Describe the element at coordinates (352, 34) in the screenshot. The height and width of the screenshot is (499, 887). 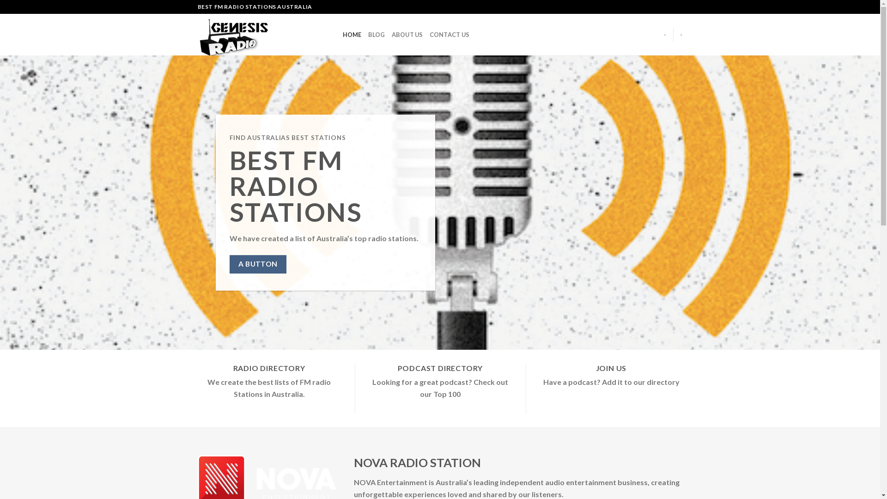
I see `'HOME'` at that location.